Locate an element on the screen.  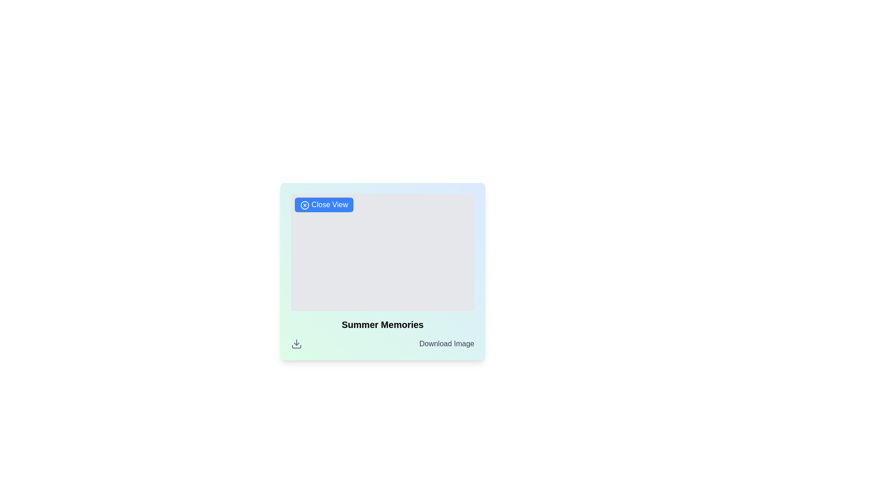
text label that serves as a prompt for downloading an image, located at the bottom-right corner of the card layout, next to the download icon is located at coordinates (446, 344).